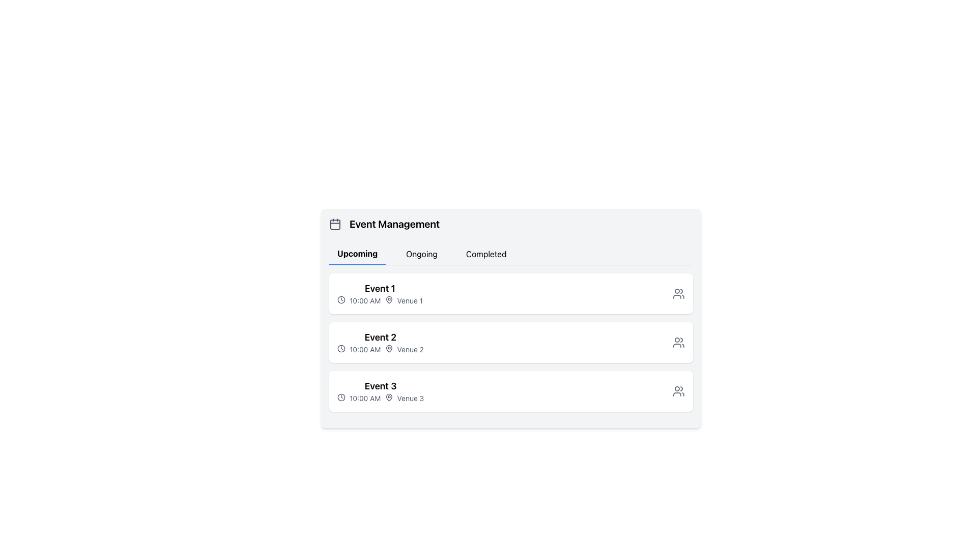  What do you see at coordinates (388, 348) in the screenshot?
I see `the venue marker icon located in the second event entry ('Event 2') in the 'Upcoming' events list, positioned between '10:00 AM' and 'Venue 2'` at bounding box center [388, 348].